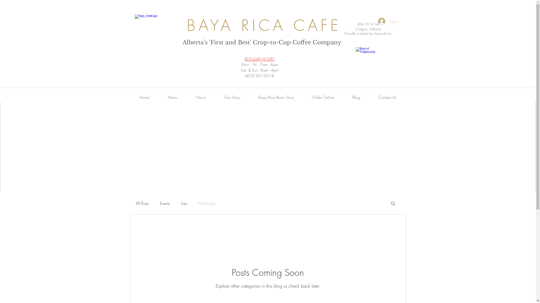 This screenshot has width=540, height=303. What do you see at coordinates (232, 97) in the screenshot?
I see `'Our Story'` at bounding box center [232, 97].